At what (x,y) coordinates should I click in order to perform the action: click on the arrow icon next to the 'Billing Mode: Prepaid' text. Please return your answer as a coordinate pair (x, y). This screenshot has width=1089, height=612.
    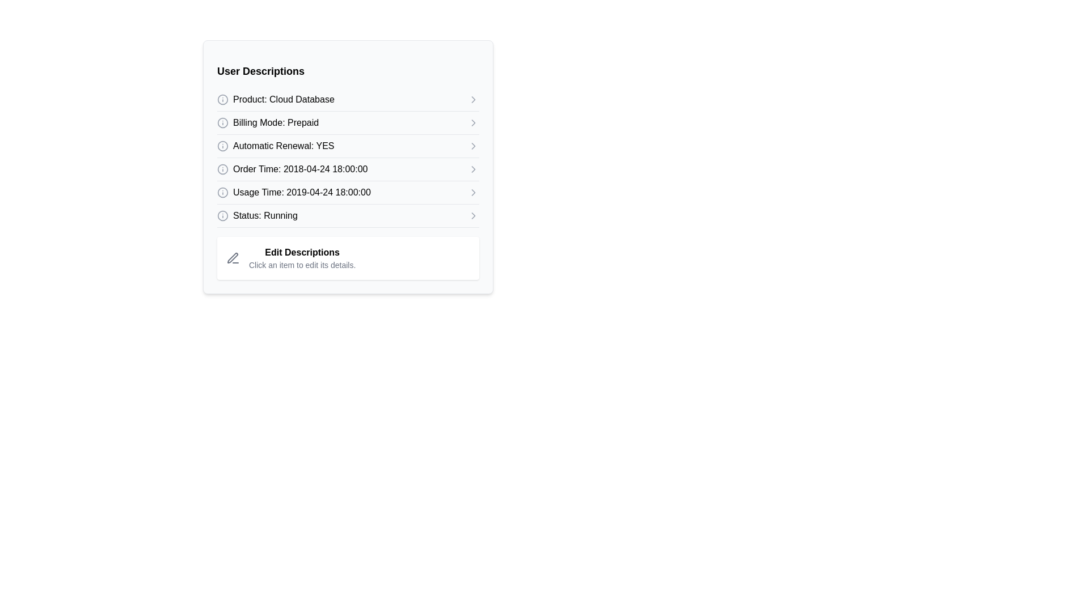
    Looking at the image, I should click on (474, 122).